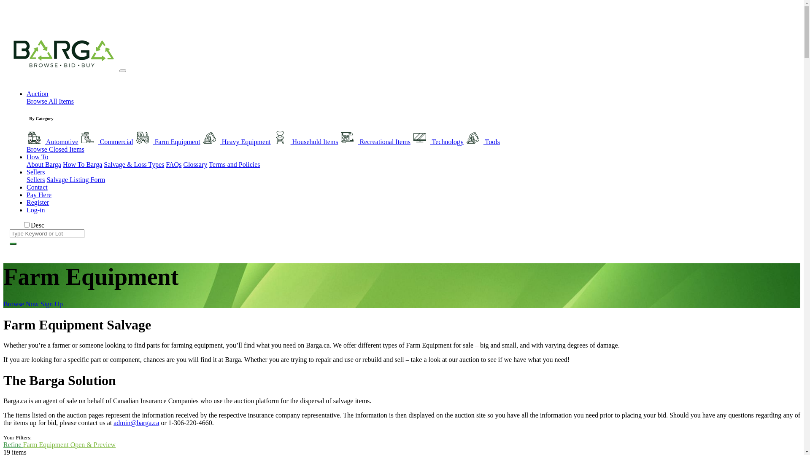 The width and height of the screenshot is (810, 455). I want to click on 'How To Barga', so click(62, 164).